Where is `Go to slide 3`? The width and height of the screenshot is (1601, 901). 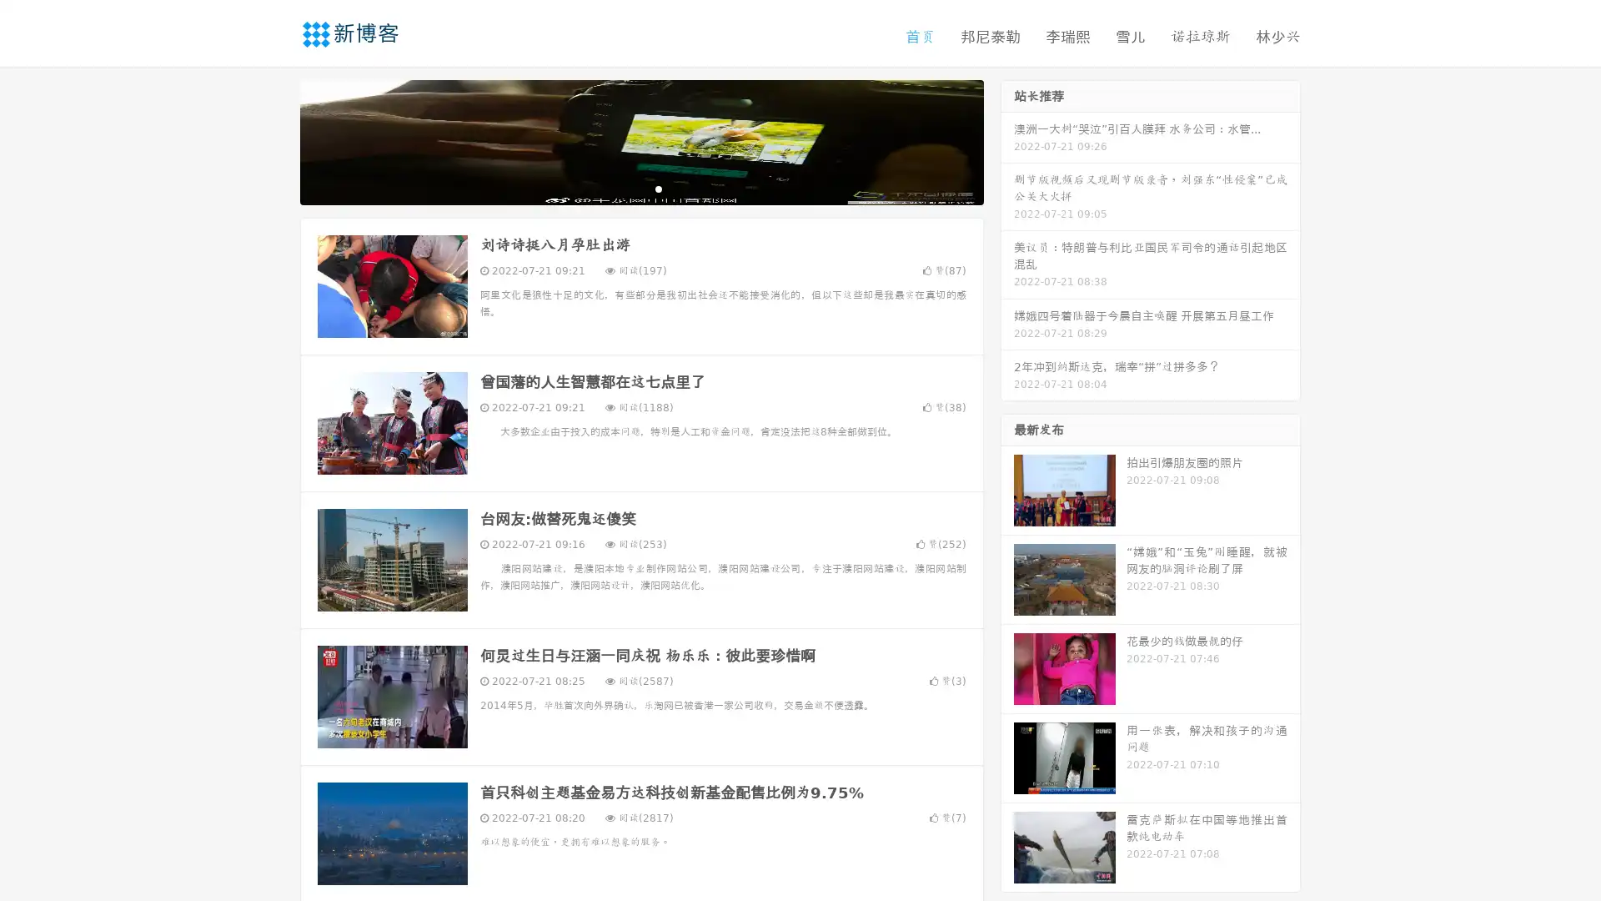 Go to slide 3 is located at coordinates (658, 188).